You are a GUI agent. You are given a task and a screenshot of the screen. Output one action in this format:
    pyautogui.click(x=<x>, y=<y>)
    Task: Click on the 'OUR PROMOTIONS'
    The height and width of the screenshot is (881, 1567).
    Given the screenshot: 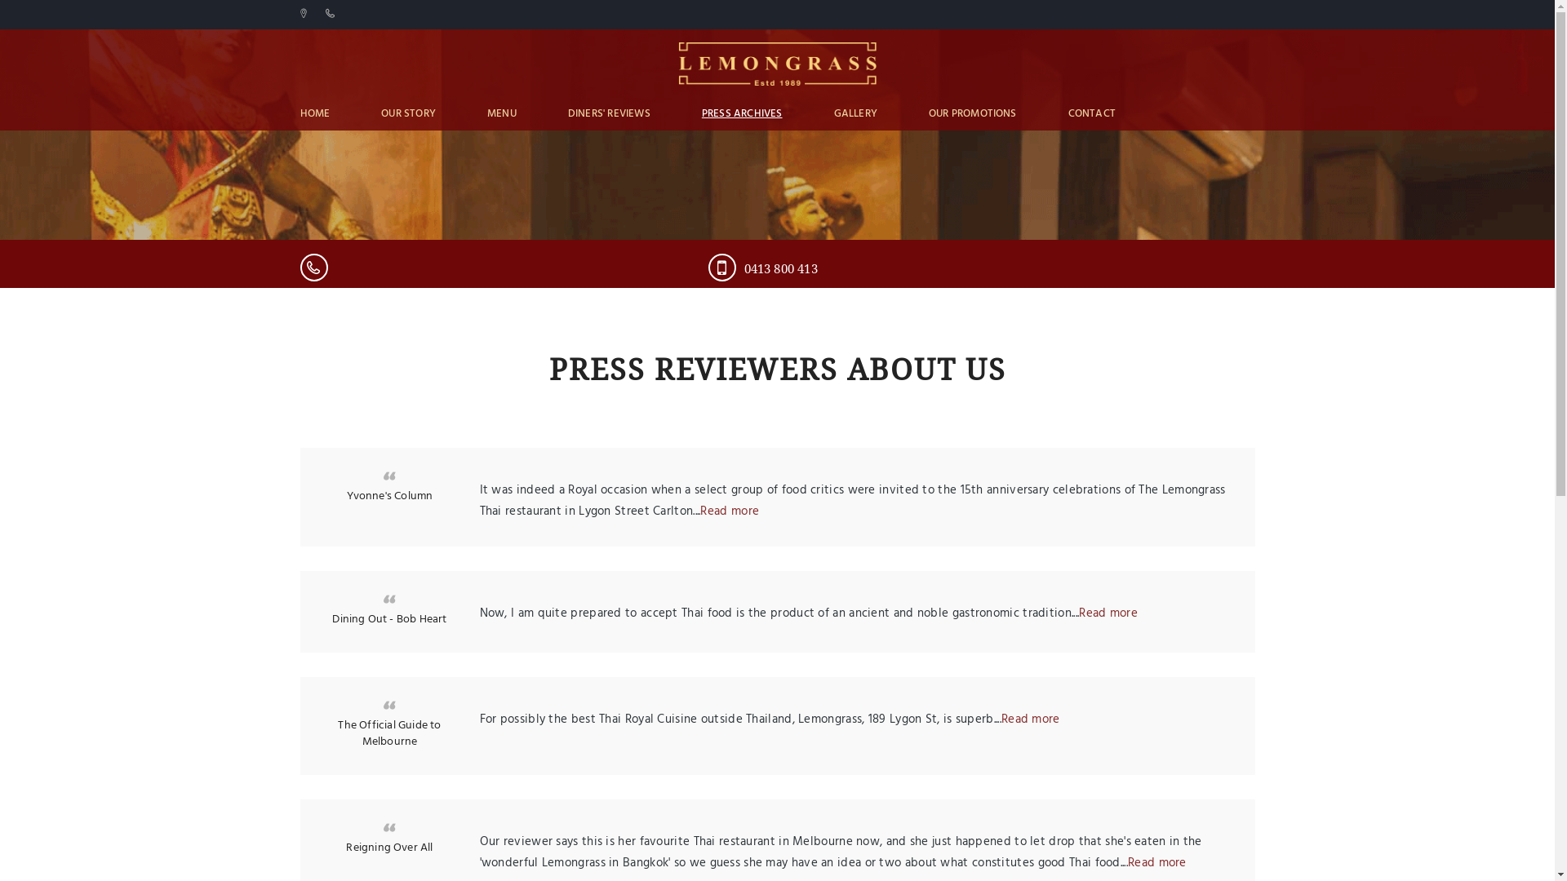 What is the action you would take?
    pyautogui.click(x=972, y=113)
    